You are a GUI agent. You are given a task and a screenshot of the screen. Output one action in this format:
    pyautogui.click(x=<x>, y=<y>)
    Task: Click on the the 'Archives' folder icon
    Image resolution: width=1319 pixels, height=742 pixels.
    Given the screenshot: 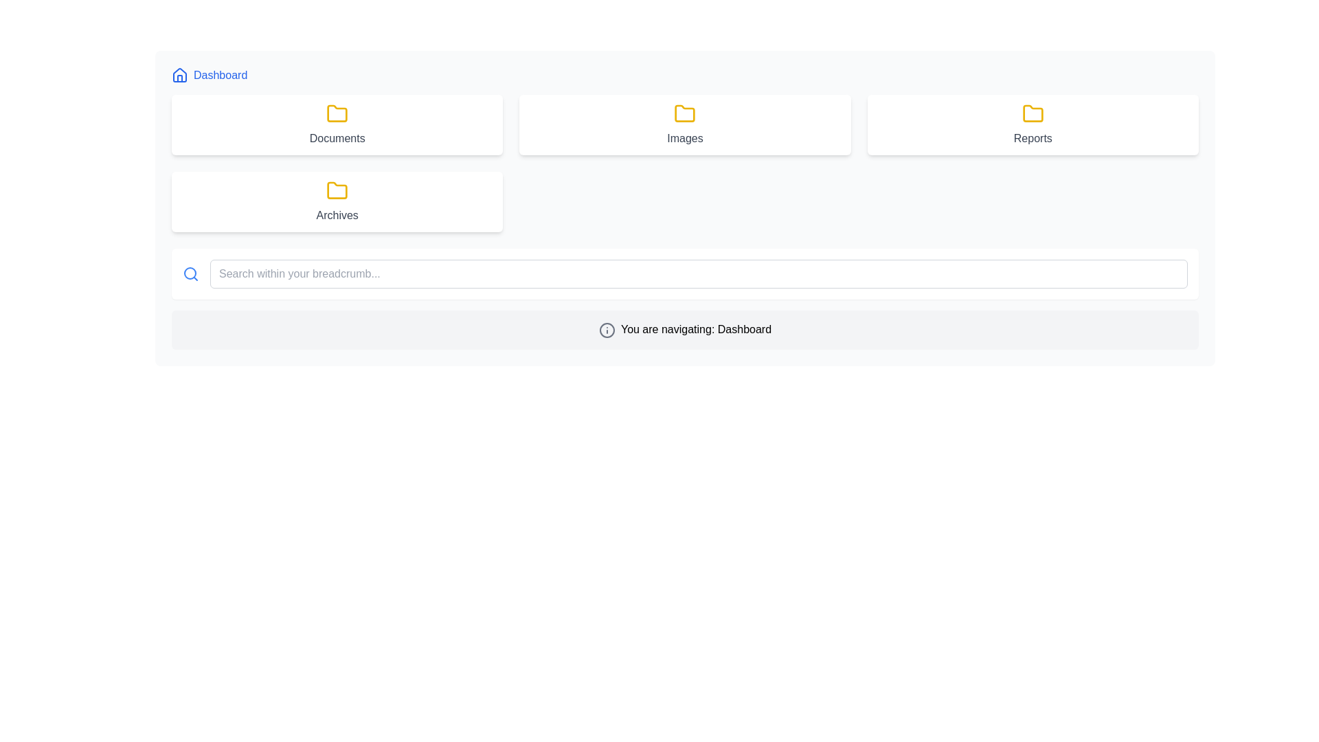 What is the action you would take?
    pyautogui.click(x=337, y=113)
    